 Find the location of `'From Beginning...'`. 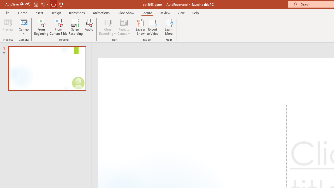

'From Beginning...' is located at coordinates (41, 27).